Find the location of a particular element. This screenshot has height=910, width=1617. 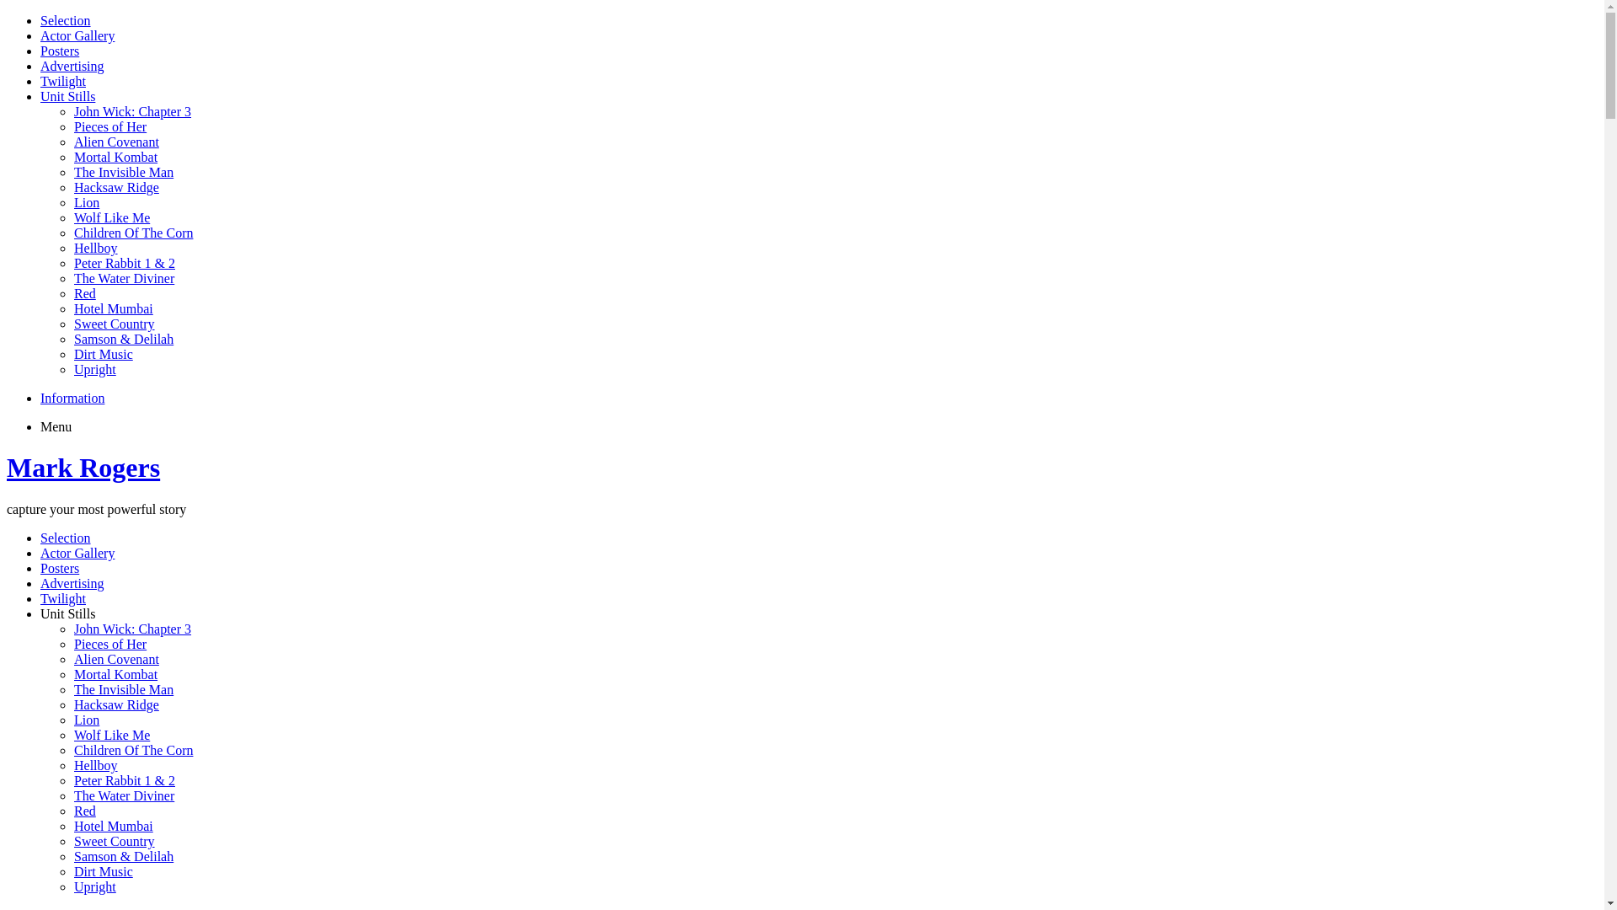

'Samson & Delilah' is located at coordinates (123, 856).